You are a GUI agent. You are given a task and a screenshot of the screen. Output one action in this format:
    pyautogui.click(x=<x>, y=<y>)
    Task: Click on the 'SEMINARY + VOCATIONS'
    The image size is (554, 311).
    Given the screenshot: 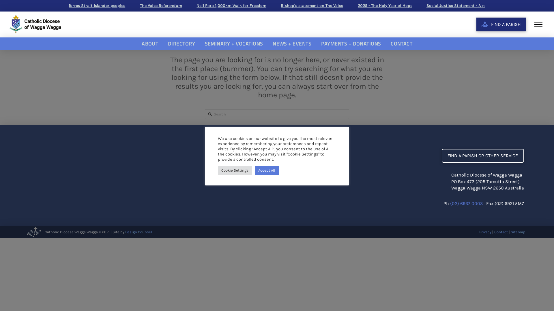 What is the action you would take?
    pyautogui.click(x=234, y=43)
    